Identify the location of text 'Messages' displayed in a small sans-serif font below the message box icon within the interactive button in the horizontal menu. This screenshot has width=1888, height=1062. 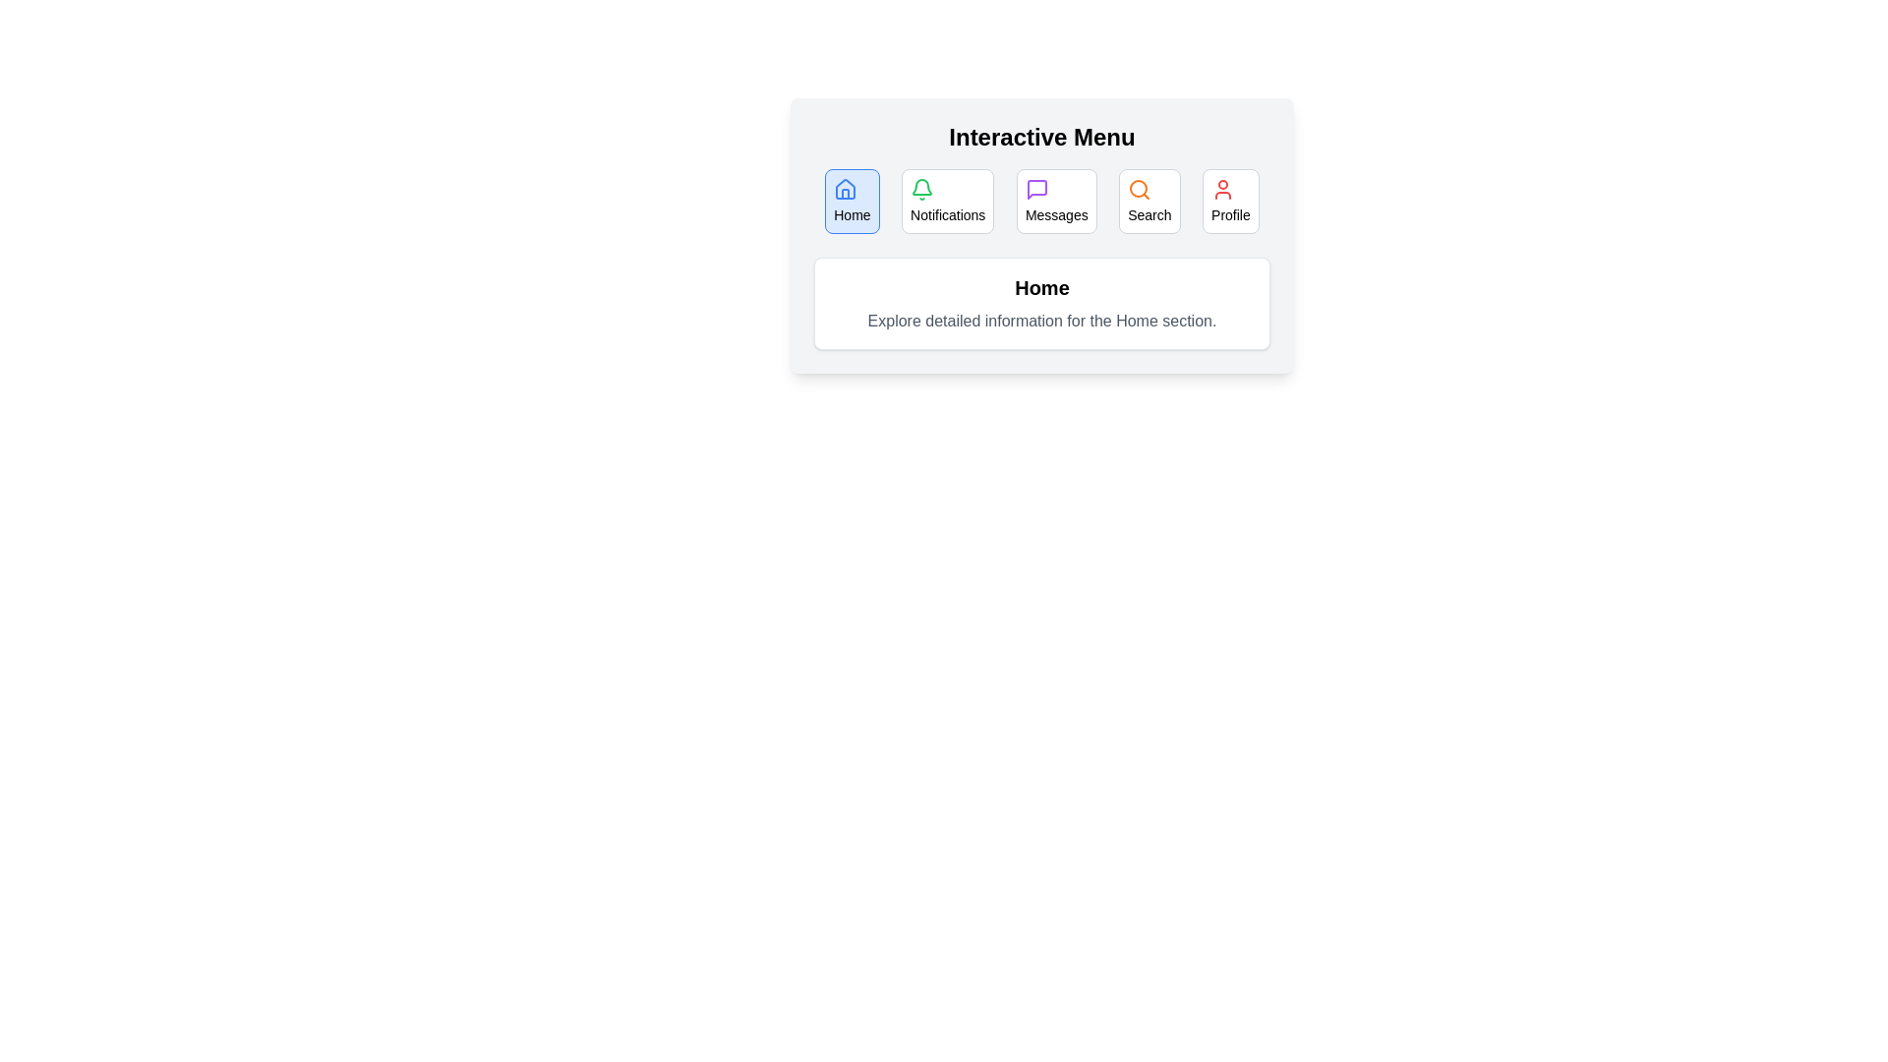
(1055, 215).